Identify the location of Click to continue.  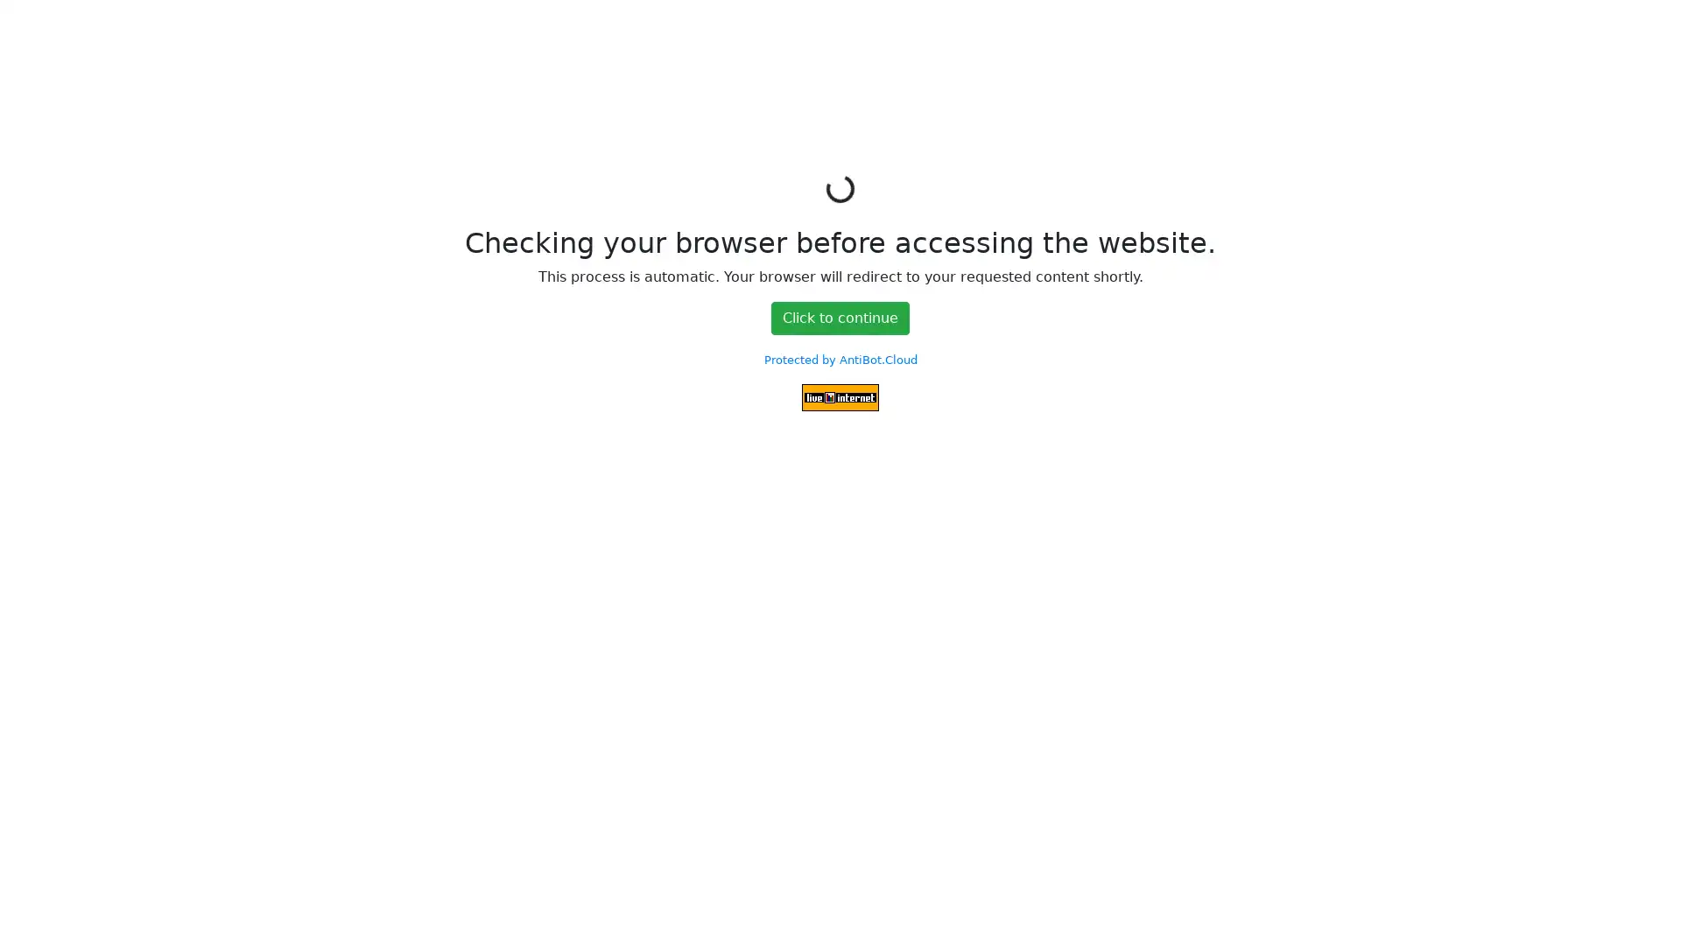
(840, 318).